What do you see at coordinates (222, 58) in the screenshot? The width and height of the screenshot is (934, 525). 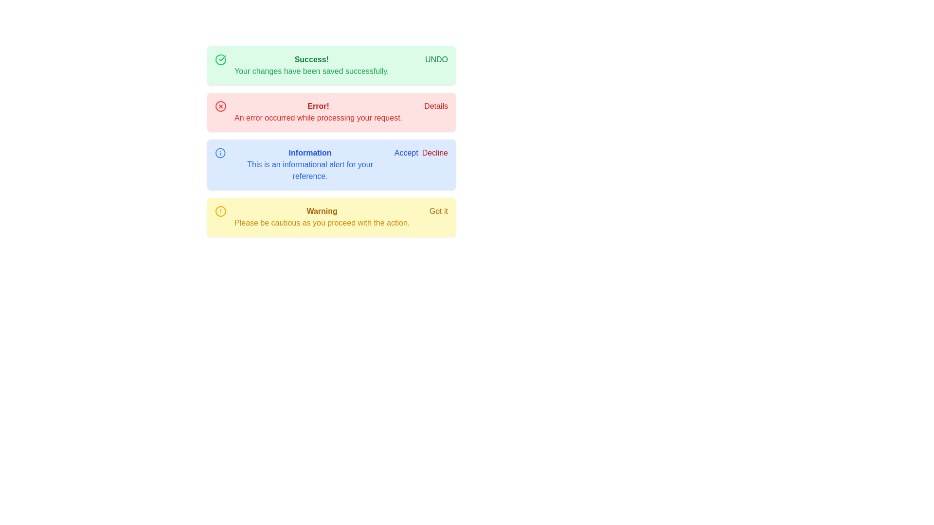 I see `the SVG checkmark representing a successful action within the green notification banner labeled 'Success!'` at bounding box center [222, 58].